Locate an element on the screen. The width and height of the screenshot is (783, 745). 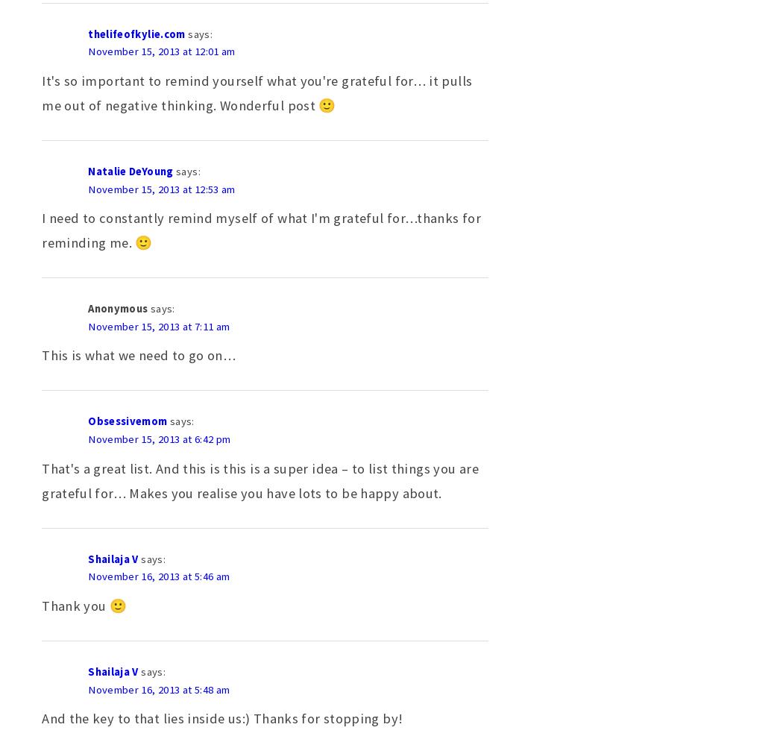
'November 15, 2013 at 6:42 pm' is located at coordinates (158, 439).